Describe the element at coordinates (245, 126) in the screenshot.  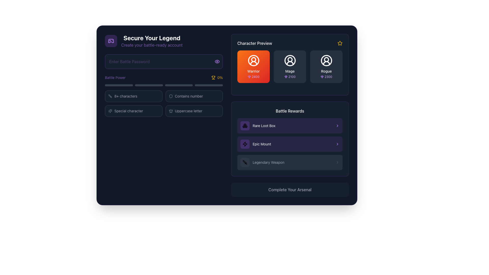
I see `the decorative icon located within the 'Character Preview' panel, which serves as an identifier symbol for a specific section or category` at that location.